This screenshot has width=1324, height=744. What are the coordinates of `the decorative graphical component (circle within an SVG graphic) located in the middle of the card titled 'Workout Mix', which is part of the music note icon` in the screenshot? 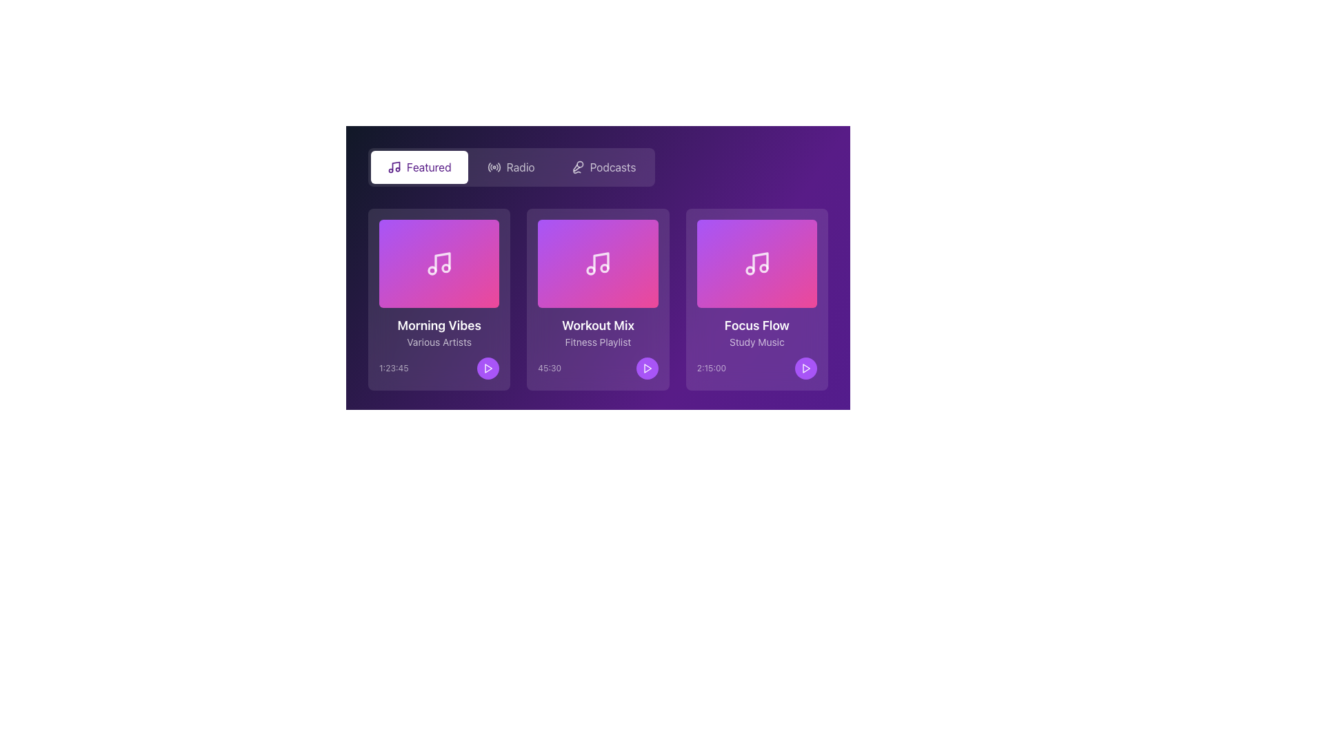 It's located at (591, 271).